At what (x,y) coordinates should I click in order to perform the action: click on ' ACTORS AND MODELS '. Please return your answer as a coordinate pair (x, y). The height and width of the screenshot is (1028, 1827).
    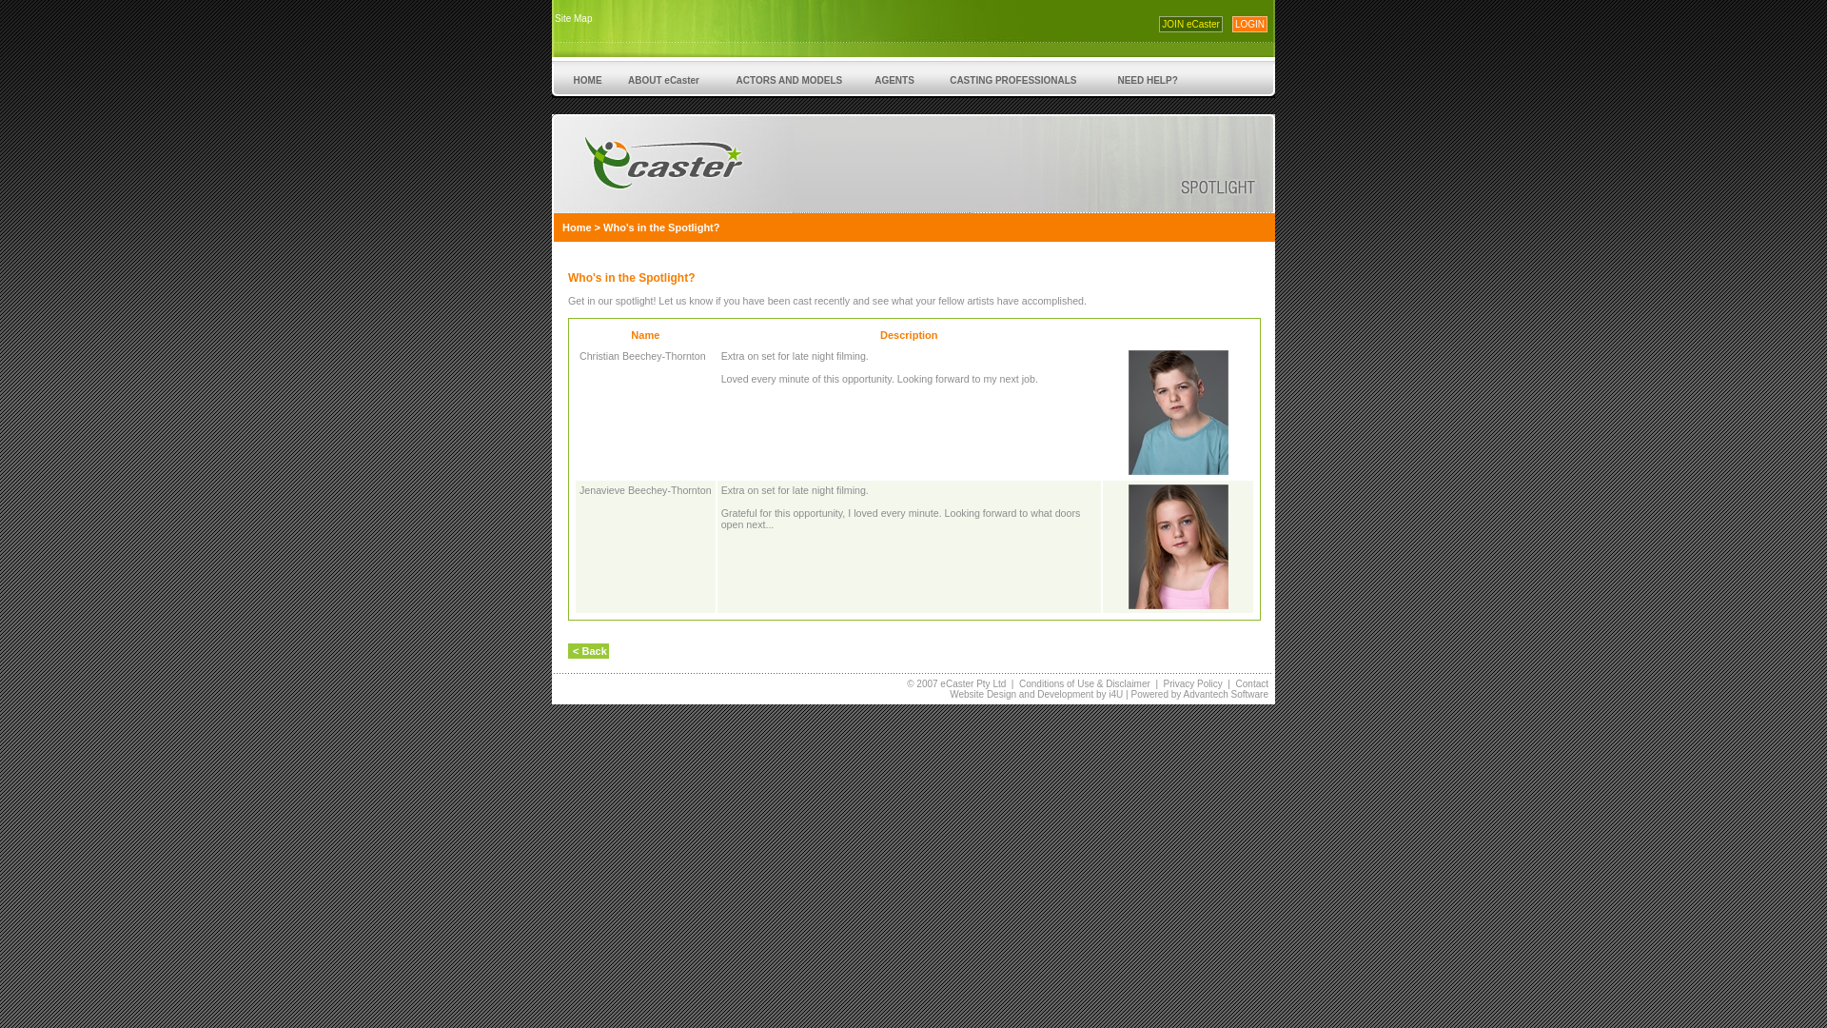
    Looking at the image, I should click on (716, 78).